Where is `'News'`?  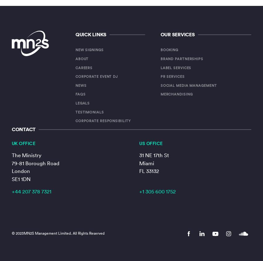
'News' is located at coordinates (75, 85).